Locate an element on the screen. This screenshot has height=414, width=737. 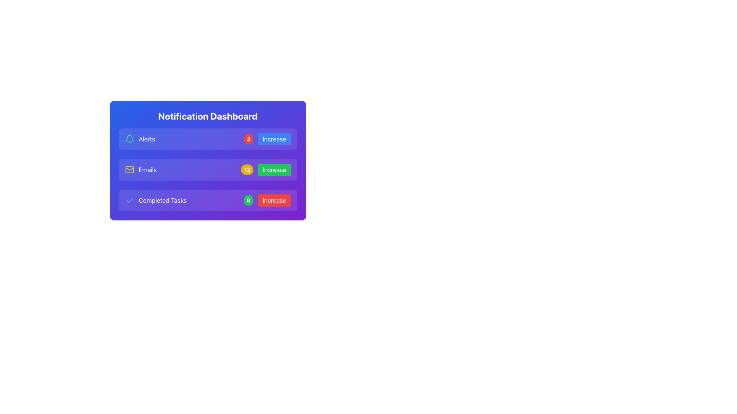
the circular badge notification counter with a red background displaying the number '3', located adjacent to the 'Increase' button and to the right of the 'Alerts' label is located at coordinates (248, 139).